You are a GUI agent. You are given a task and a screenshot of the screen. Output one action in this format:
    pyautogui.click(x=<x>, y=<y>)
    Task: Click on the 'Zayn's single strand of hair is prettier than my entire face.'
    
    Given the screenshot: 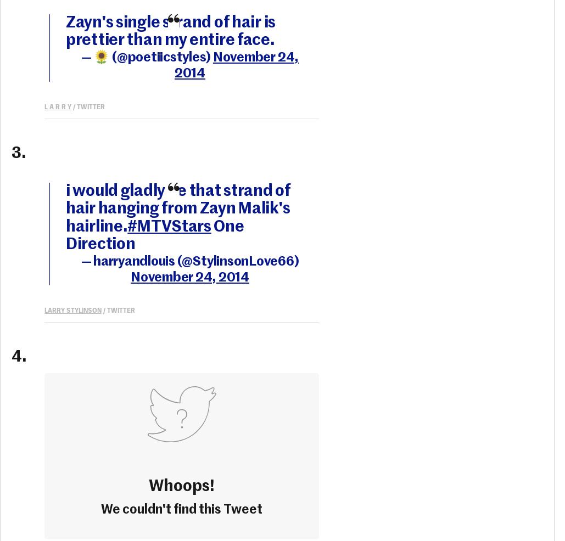 What is the action you would take?
    pyautogui.click(x=65, y=31)
    